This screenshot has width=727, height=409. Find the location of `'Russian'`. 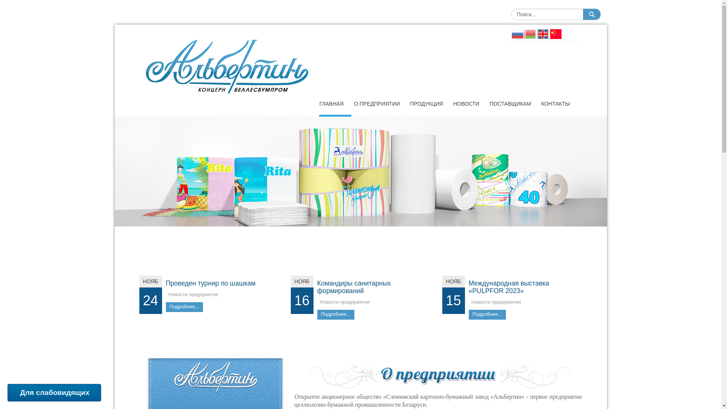

'Russian' is located at coordinates (517, 33).